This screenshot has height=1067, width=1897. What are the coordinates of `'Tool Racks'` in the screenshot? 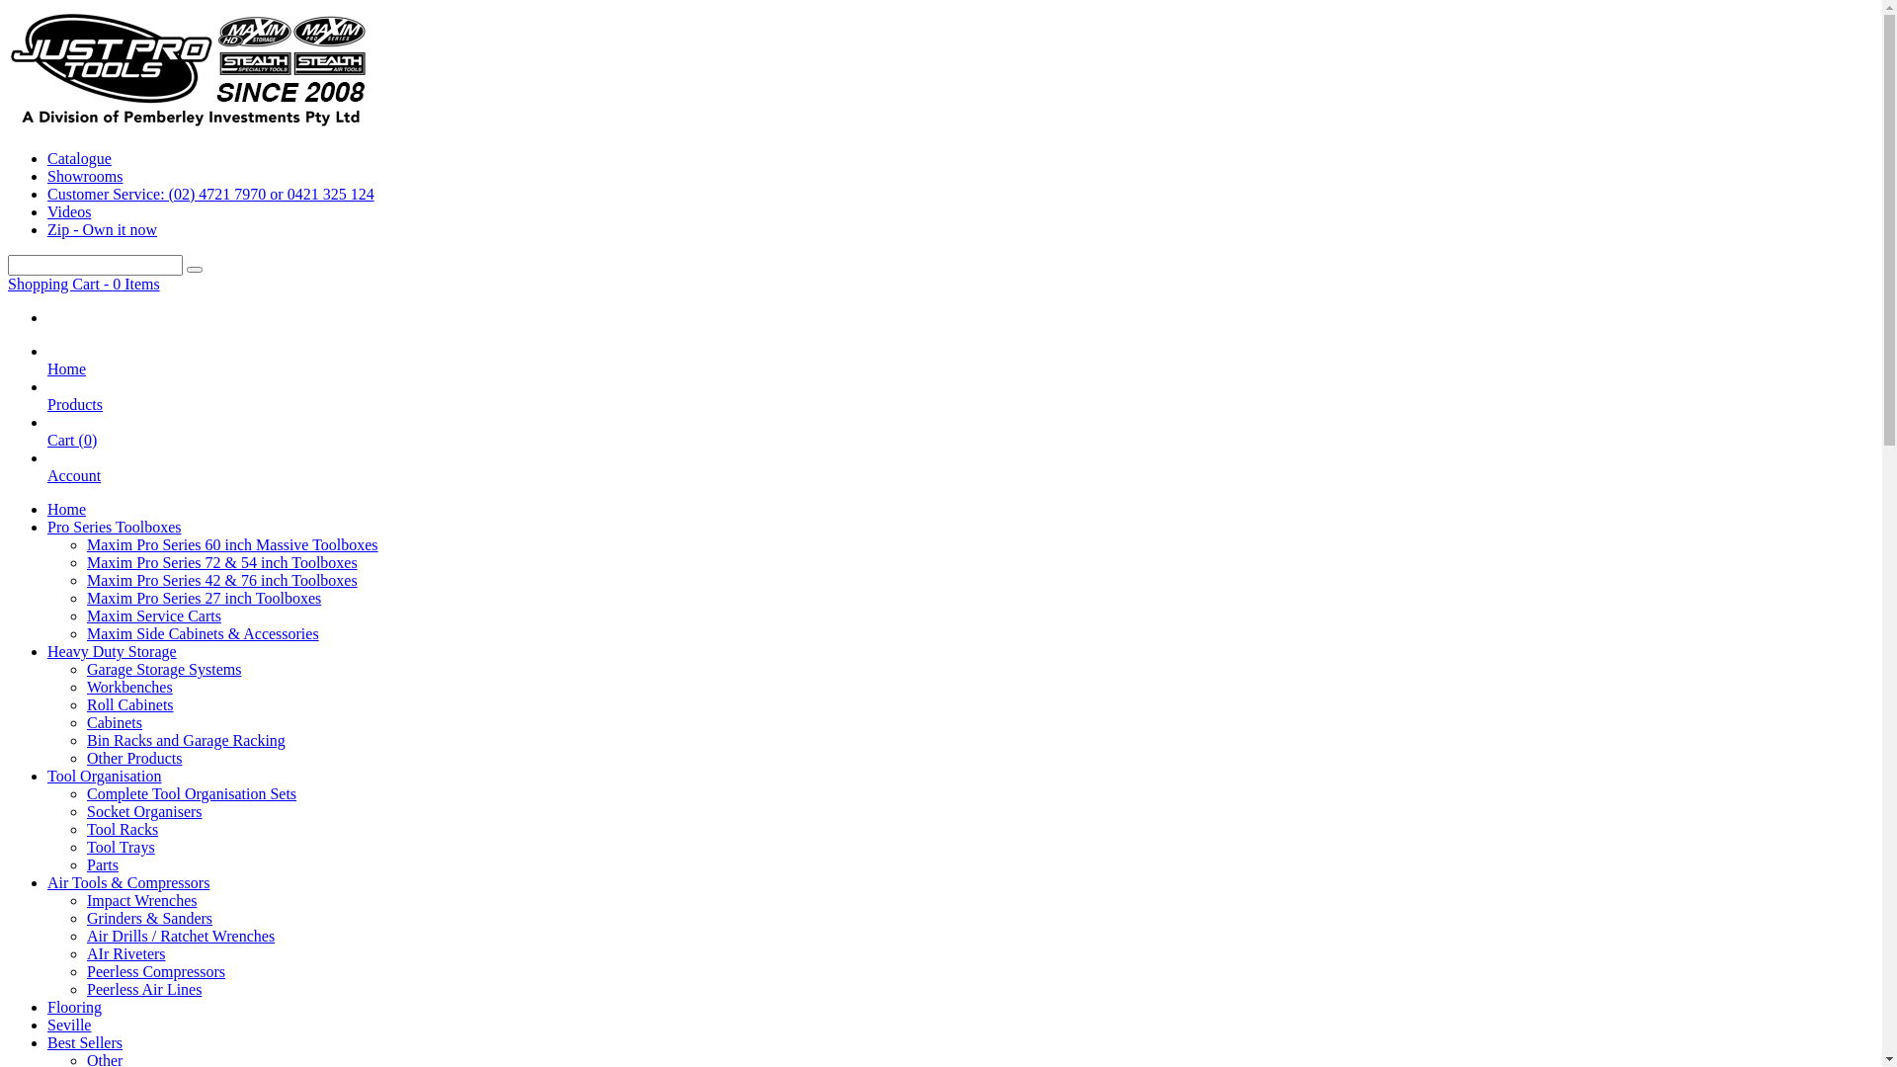 It's located at (122, 829).